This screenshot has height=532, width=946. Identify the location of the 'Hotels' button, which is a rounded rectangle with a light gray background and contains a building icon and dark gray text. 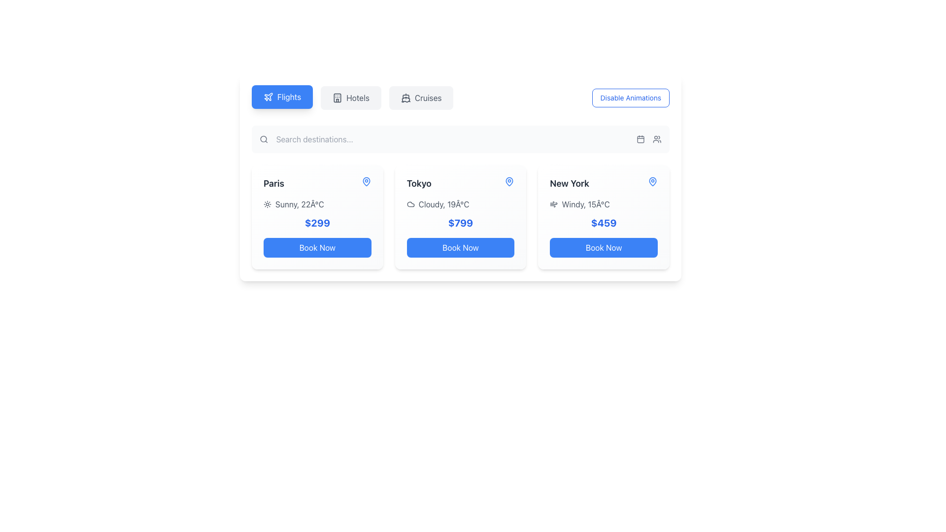
(351, 98).